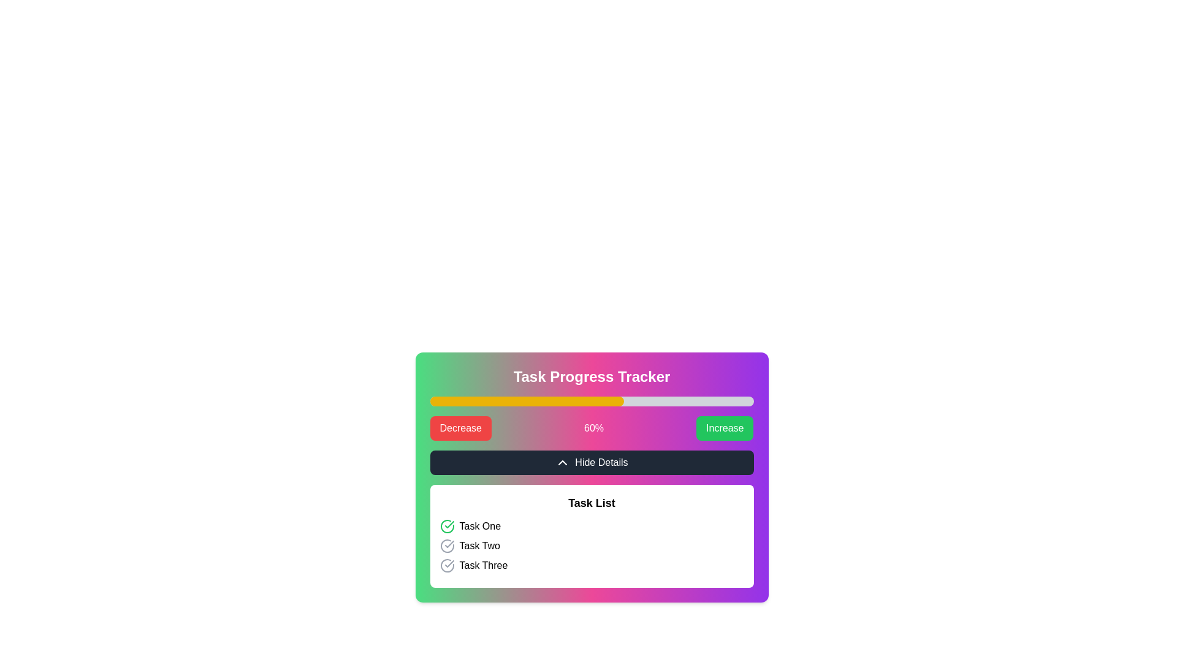  Describe the element at coordinates (446, 565) in the screenshot. I see `the status indicator icon for 'Task Three' if it is interactive` at that location.